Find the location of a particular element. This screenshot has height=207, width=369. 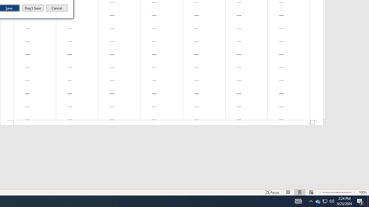

'Don' is located at coordinates (32, 8).